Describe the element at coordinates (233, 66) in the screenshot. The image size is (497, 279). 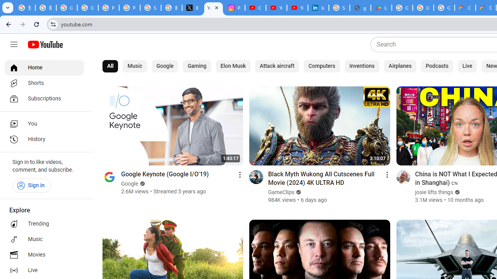
I see `'Elon Musk'` at that location.